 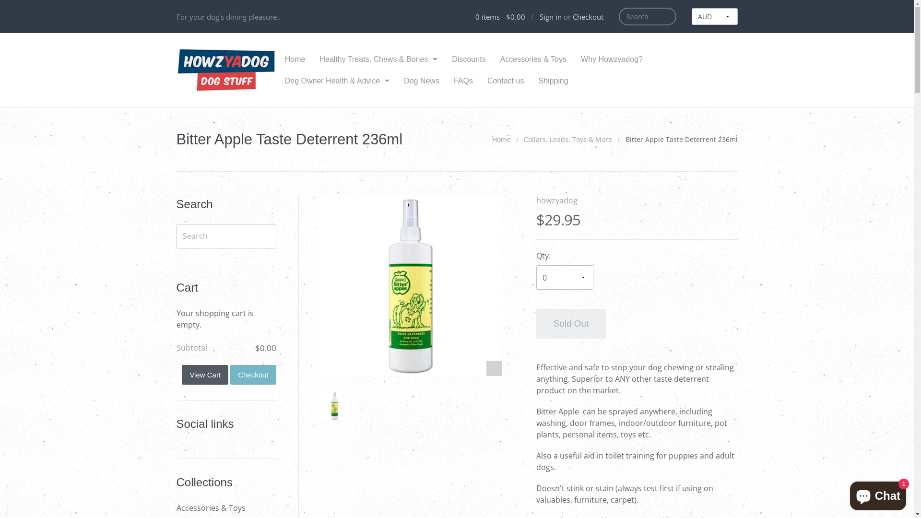 What do you see at coordinates (553, 80) in the screenshot?
I see `'Shipping'` at bounding box center [553, 80].